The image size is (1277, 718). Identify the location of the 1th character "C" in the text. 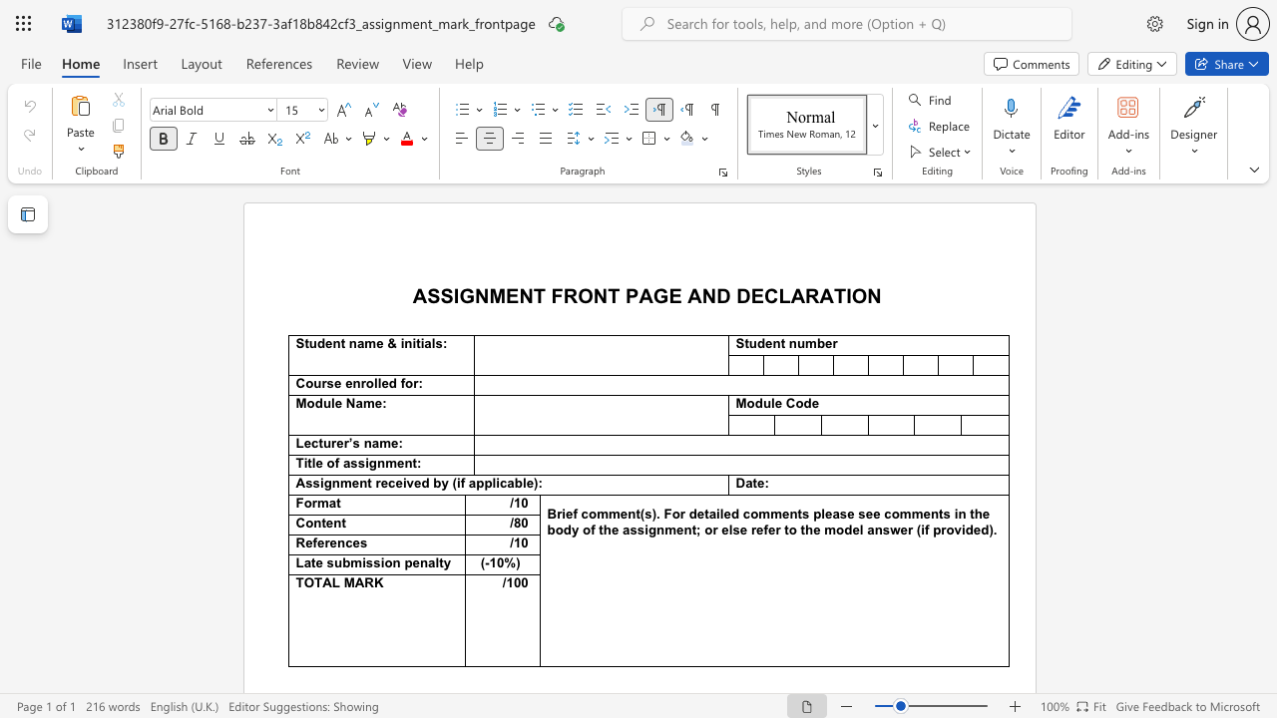
(770, 295).